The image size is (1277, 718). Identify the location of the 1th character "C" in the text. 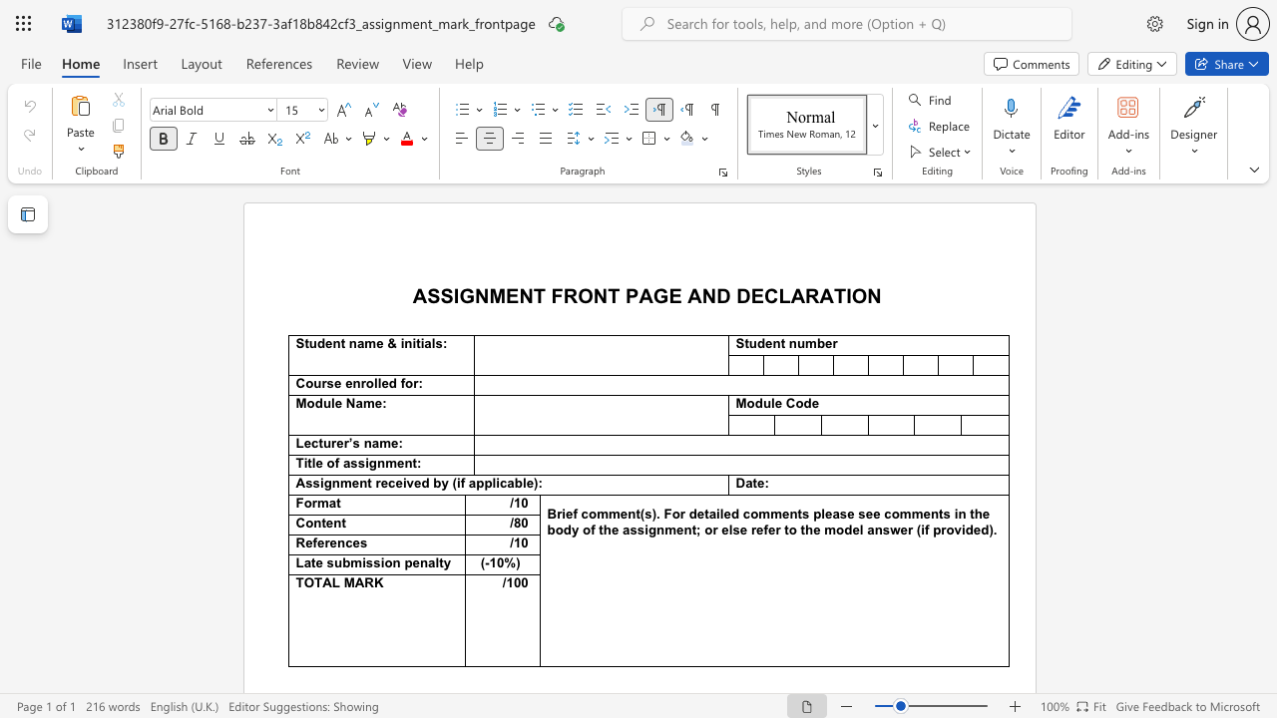
(770, 295).